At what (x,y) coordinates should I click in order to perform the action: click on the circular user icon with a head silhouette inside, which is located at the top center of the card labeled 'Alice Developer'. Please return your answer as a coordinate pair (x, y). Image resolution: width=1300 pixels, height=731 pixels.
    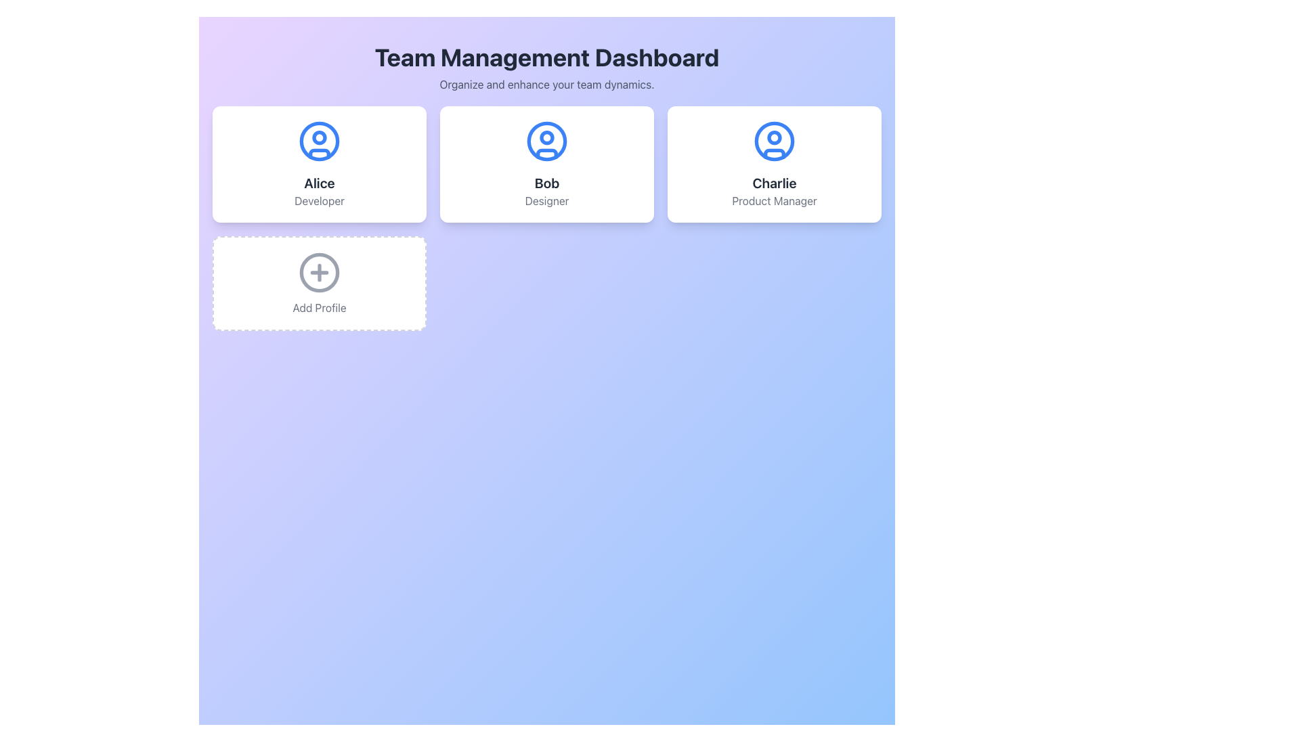
    Looking at the image, I should click on (318, 141).